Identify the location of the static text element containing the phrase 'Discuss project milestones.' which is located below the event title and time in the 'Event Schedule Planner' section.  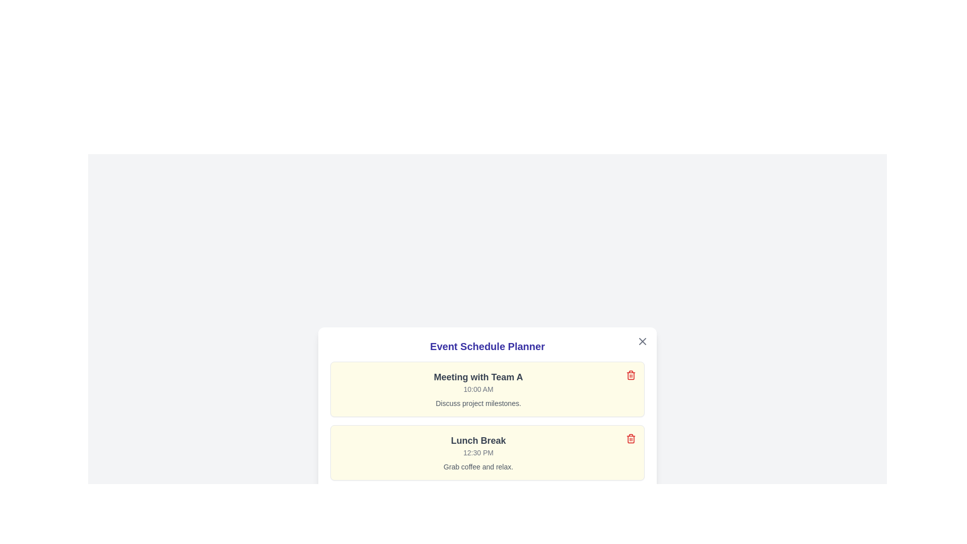
(478, 403).